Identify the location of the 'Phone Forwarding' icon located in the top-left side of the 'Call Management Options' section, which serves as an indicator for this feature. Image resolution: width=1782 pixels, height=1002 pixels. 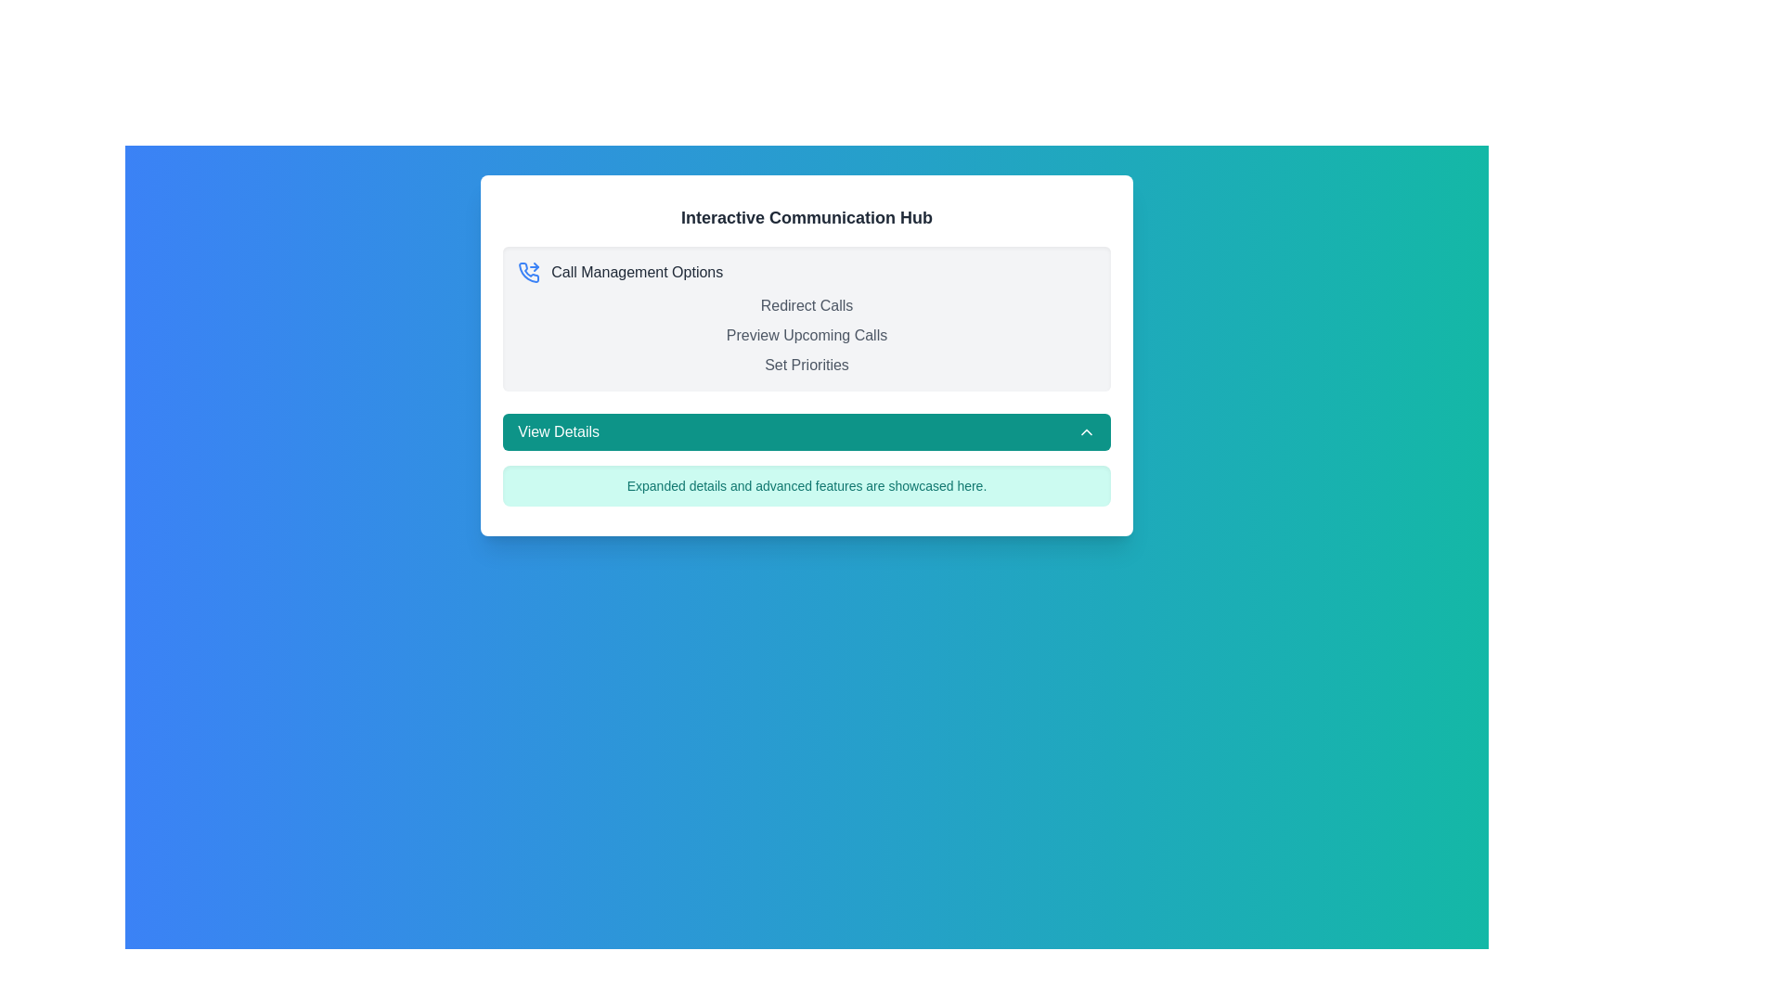
(528, 273).